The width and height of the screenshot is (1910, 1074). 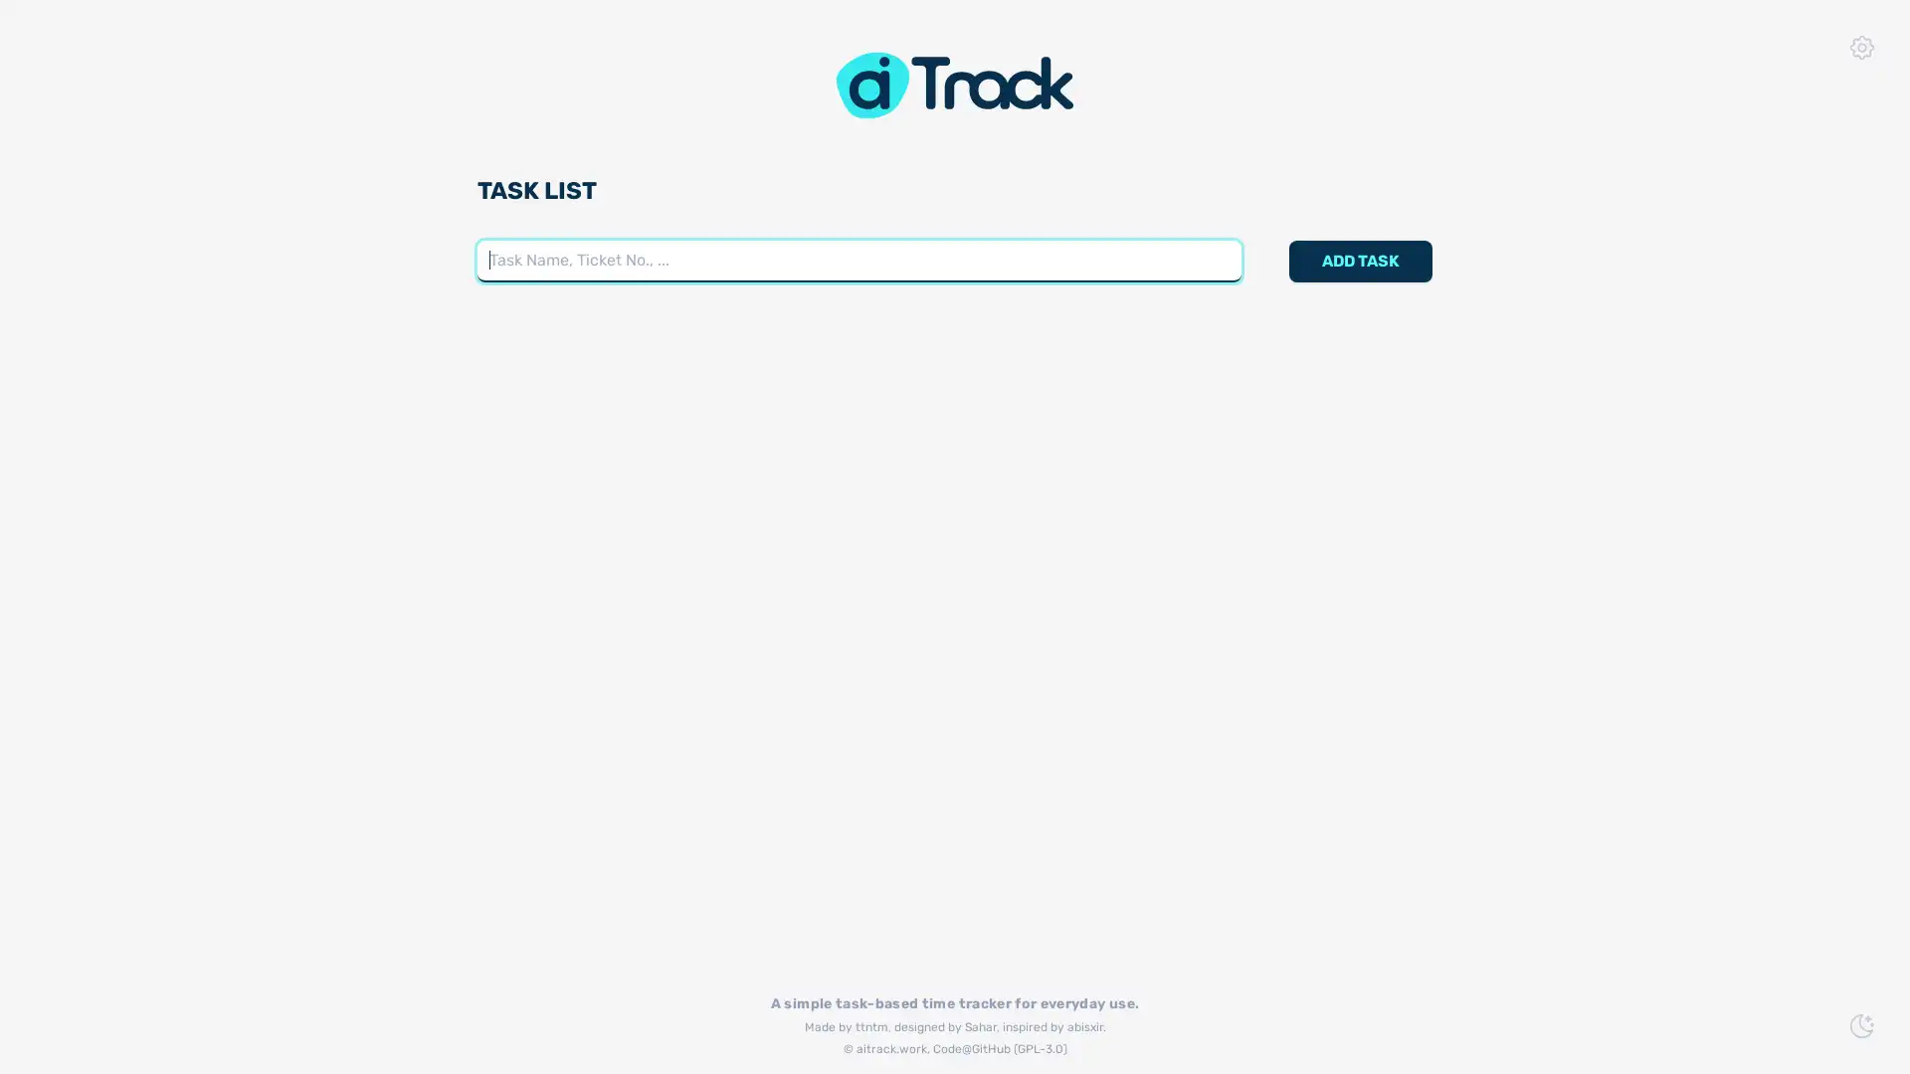 I want to click on Switch to Dark Mode, so click(x=1861, y=1026).